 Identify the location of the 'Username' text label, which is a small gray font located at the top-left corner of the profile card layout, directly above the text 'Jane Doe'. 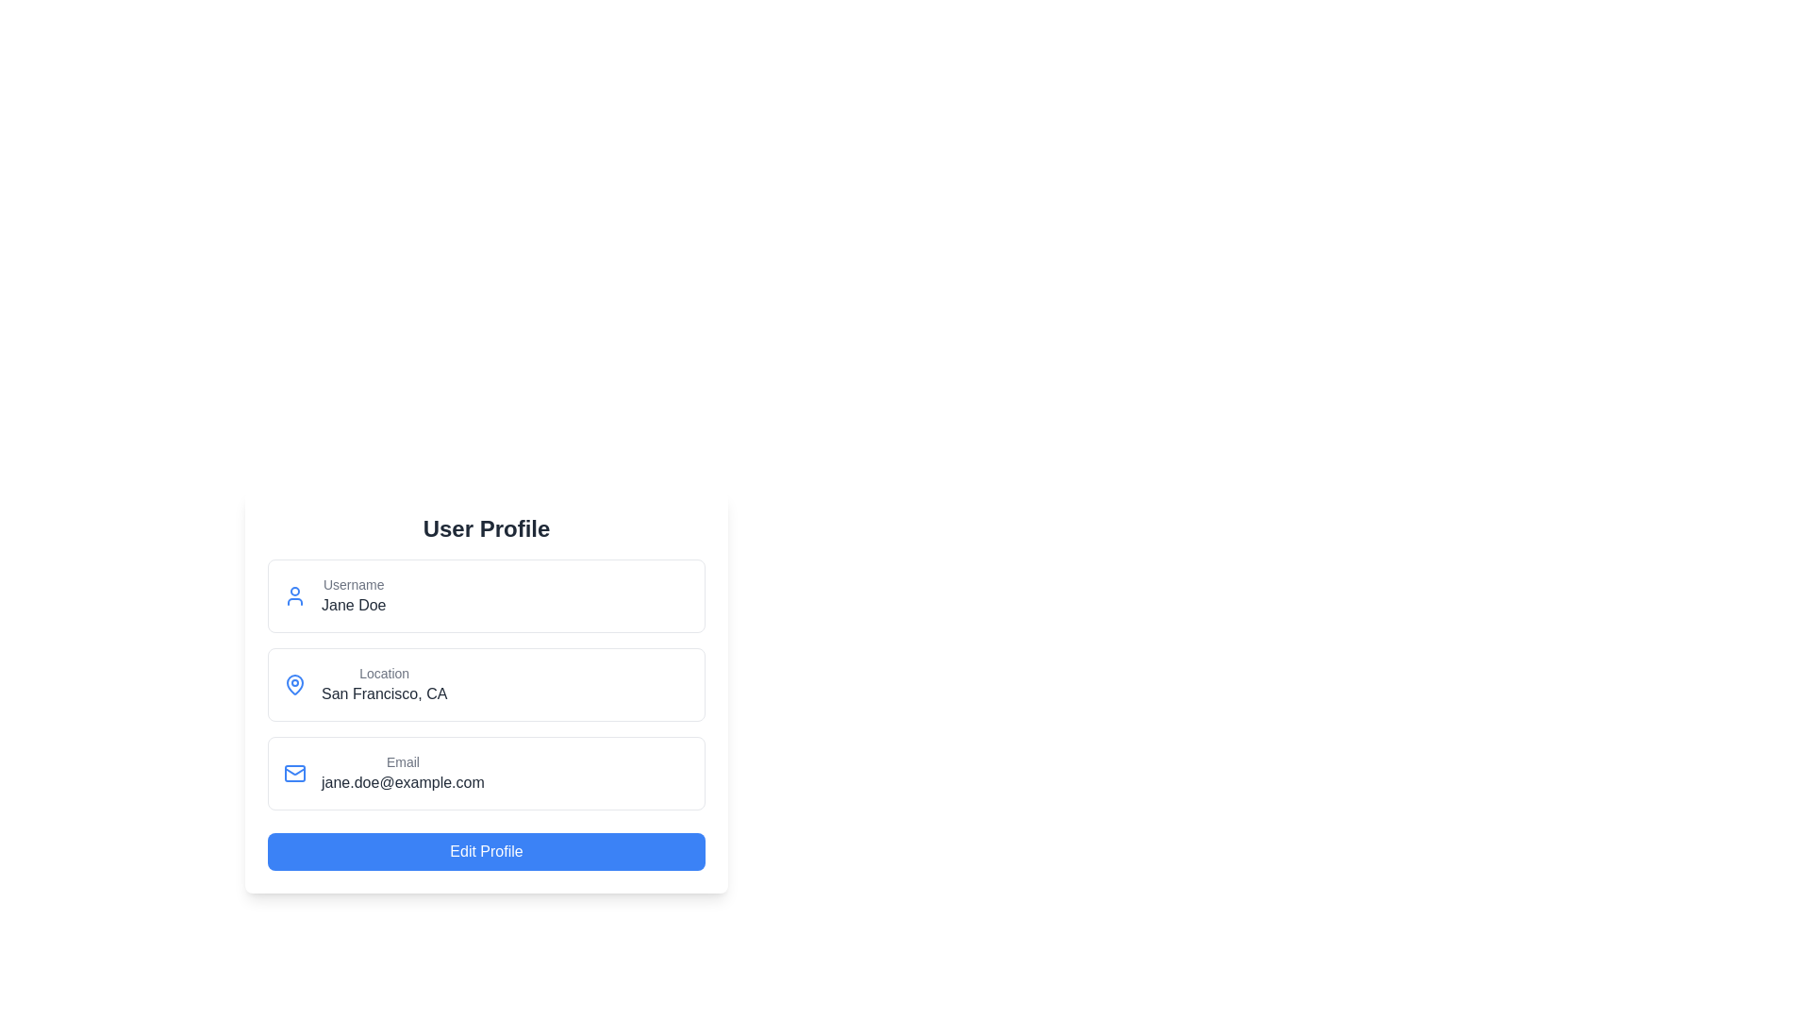
(354, 584).